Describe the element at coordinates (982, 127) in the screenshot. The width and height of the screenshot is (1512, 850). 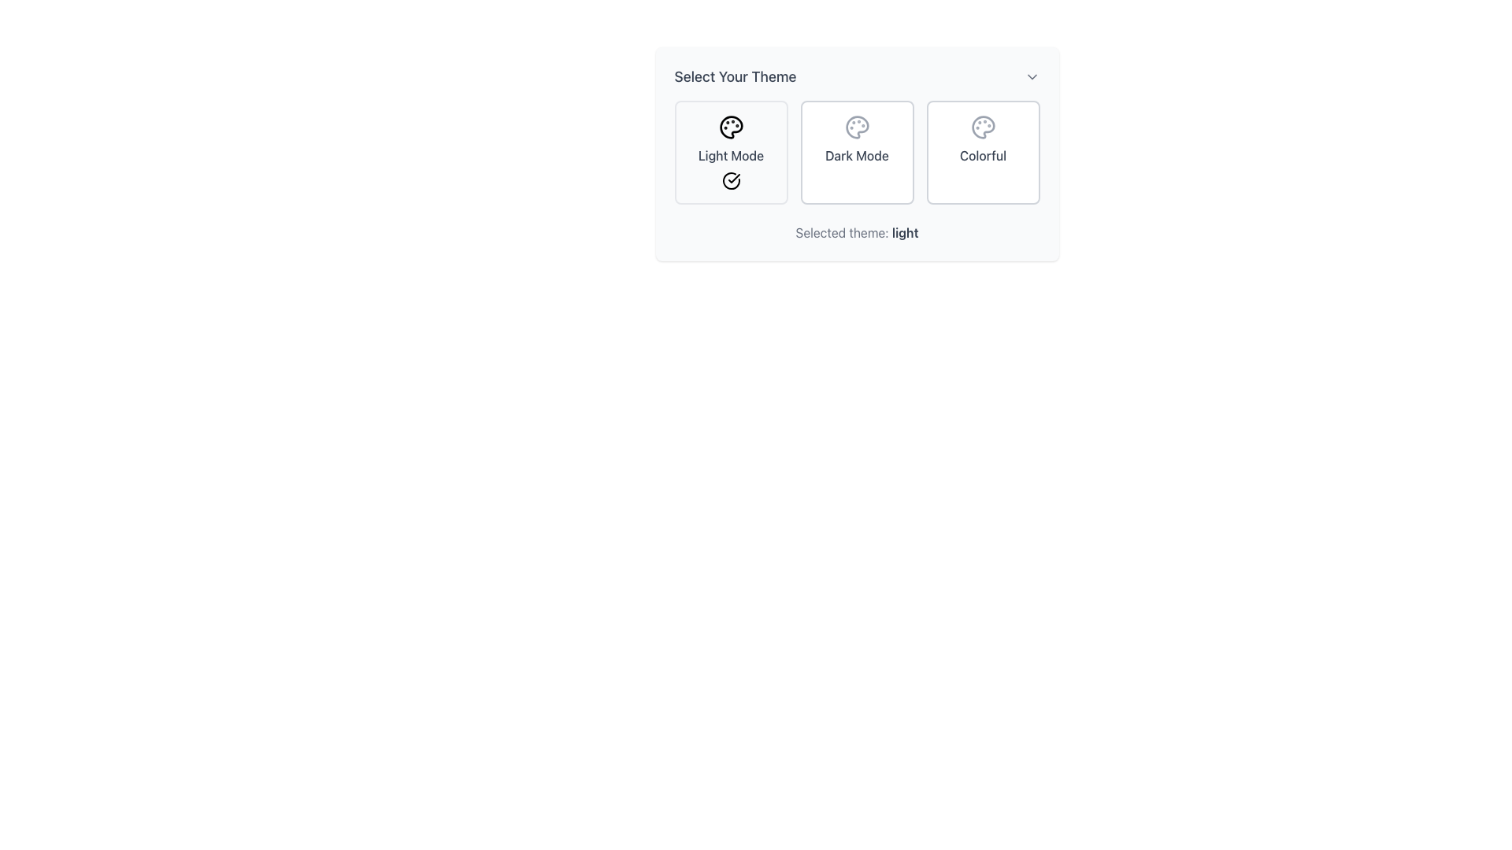
I see `the 'Colorful' theme selection SVG icon located in the center-right area of the 'Select Your Theme' options` at that location.